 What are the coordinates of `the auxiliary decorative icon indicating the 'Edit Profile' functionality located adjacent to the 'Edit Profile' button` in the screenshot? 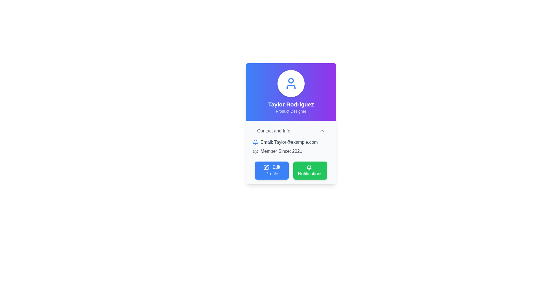 It's located at (266, 166).